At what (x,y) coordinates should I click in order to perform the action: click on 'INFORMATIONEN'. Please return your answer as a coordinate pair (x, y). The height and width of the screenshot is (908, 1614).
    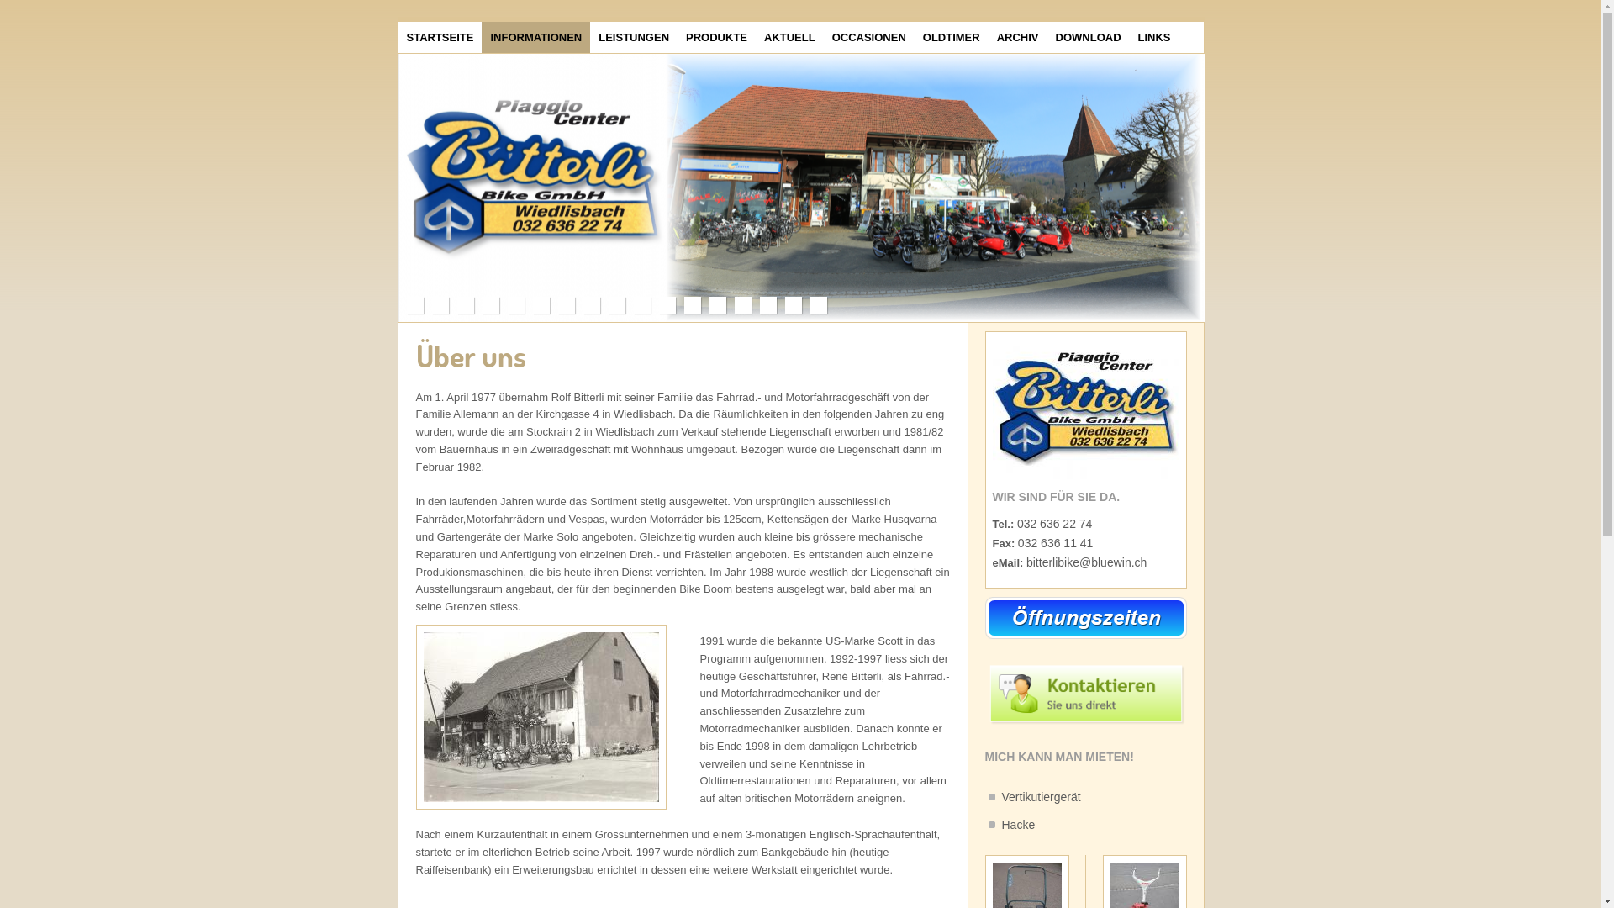
    Looking at the image, I should click on (480, 37).